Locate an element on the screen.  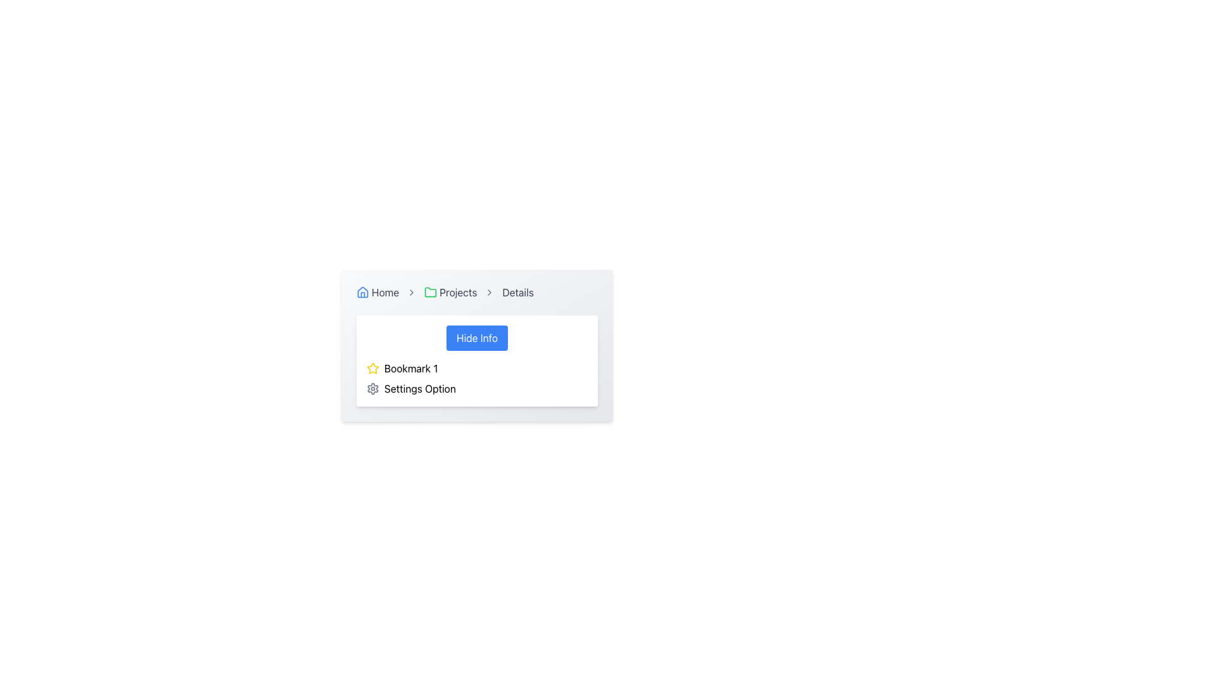
the third chevron icon in the breadcrumb navigation that separates 'Projects' and 'Details' is located at coordinates (489, 293).